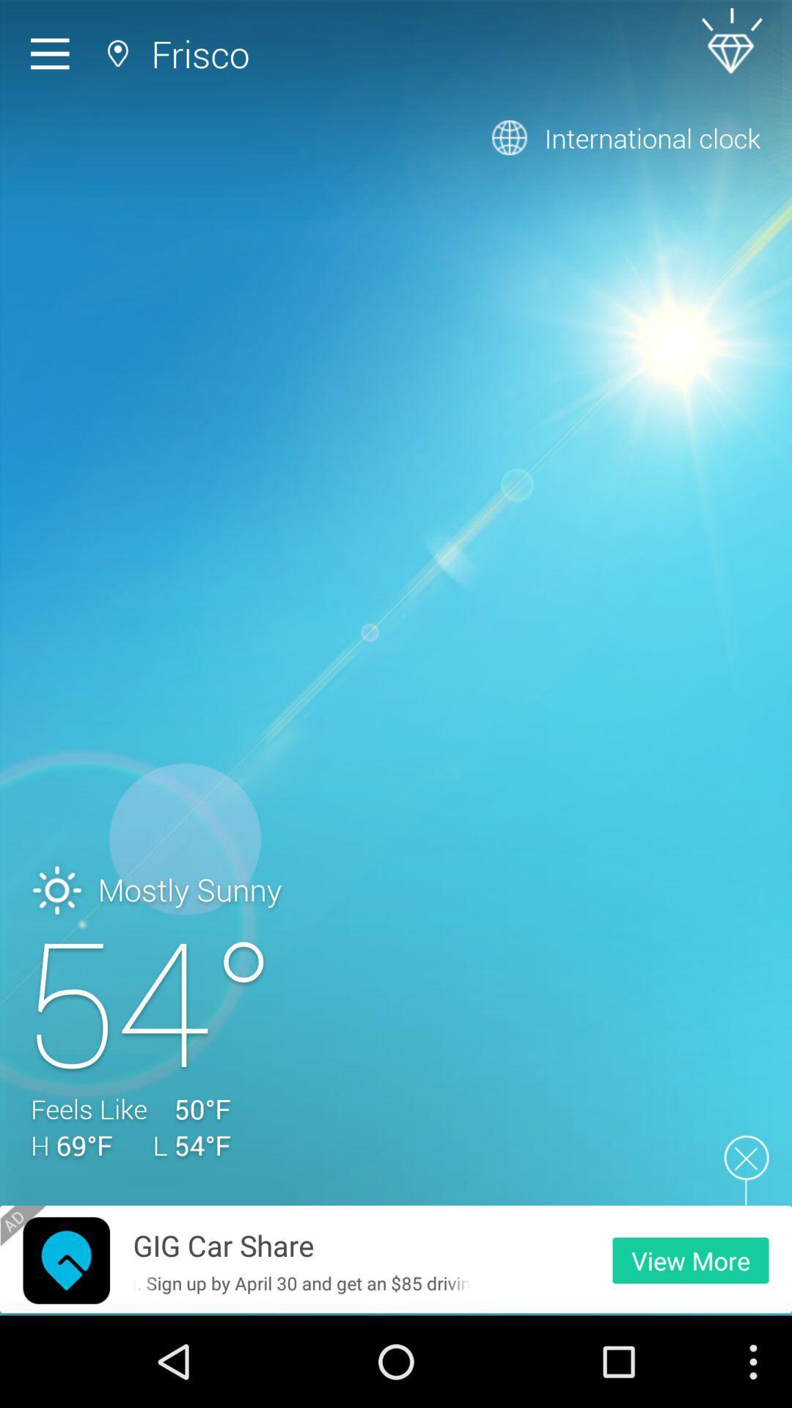 The width and height of the screenshot is (792, 1408). I want to click on the close icon, so click(747, 1251).